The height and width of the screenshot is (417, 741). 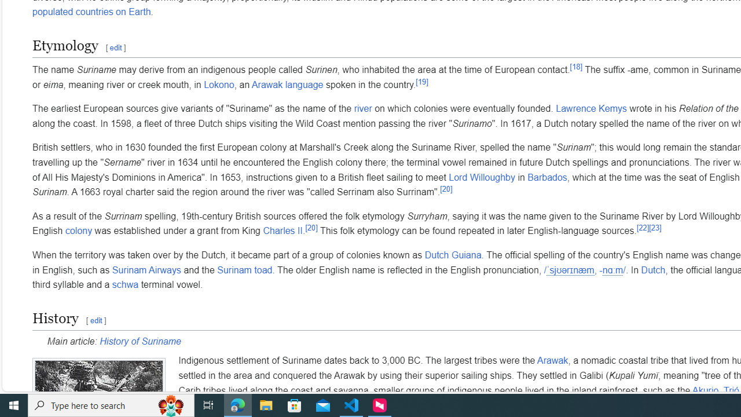 I want to click on 'History of Suriname', so click(x=140, y=341).